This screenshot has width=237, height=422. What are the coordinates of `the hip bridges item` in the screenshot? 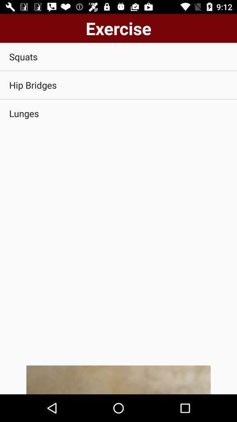 It's located at (118, 85).